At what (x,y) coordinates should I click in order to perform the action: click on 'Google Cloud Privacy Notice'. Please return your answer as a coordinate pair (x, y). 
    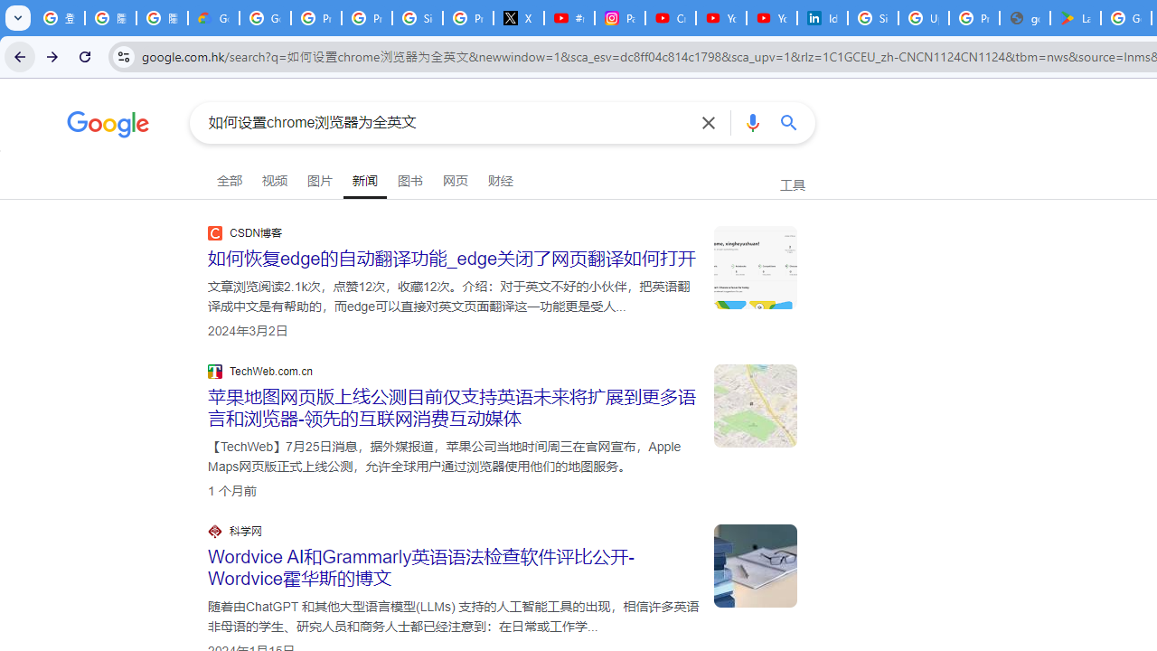
    Looking at the image, I should click on (213, 18).